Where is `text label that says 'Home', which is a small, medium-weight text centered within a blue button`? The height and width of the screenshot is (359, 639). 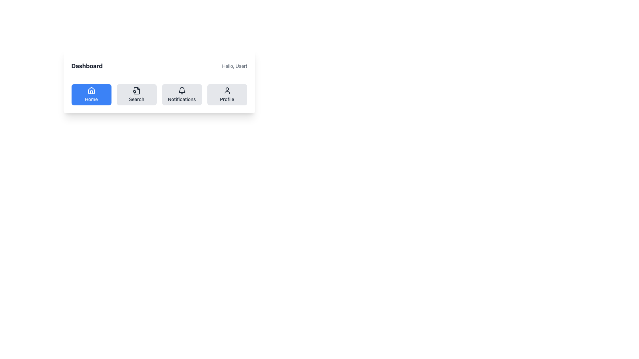 text label that says 'Home', which is a small, medium-weight text centered within a blue button is located at coordinates (91, 99).